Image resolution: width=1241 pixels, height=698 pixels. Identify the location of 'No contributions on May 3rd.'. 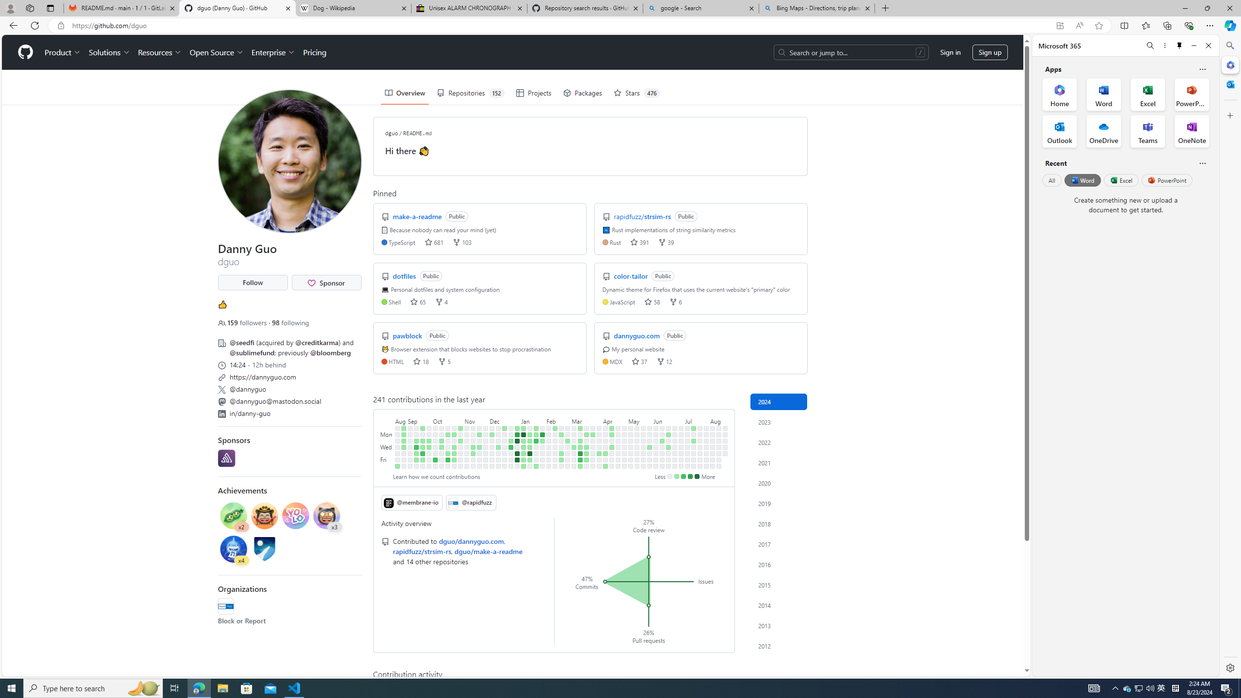
(624, 459).